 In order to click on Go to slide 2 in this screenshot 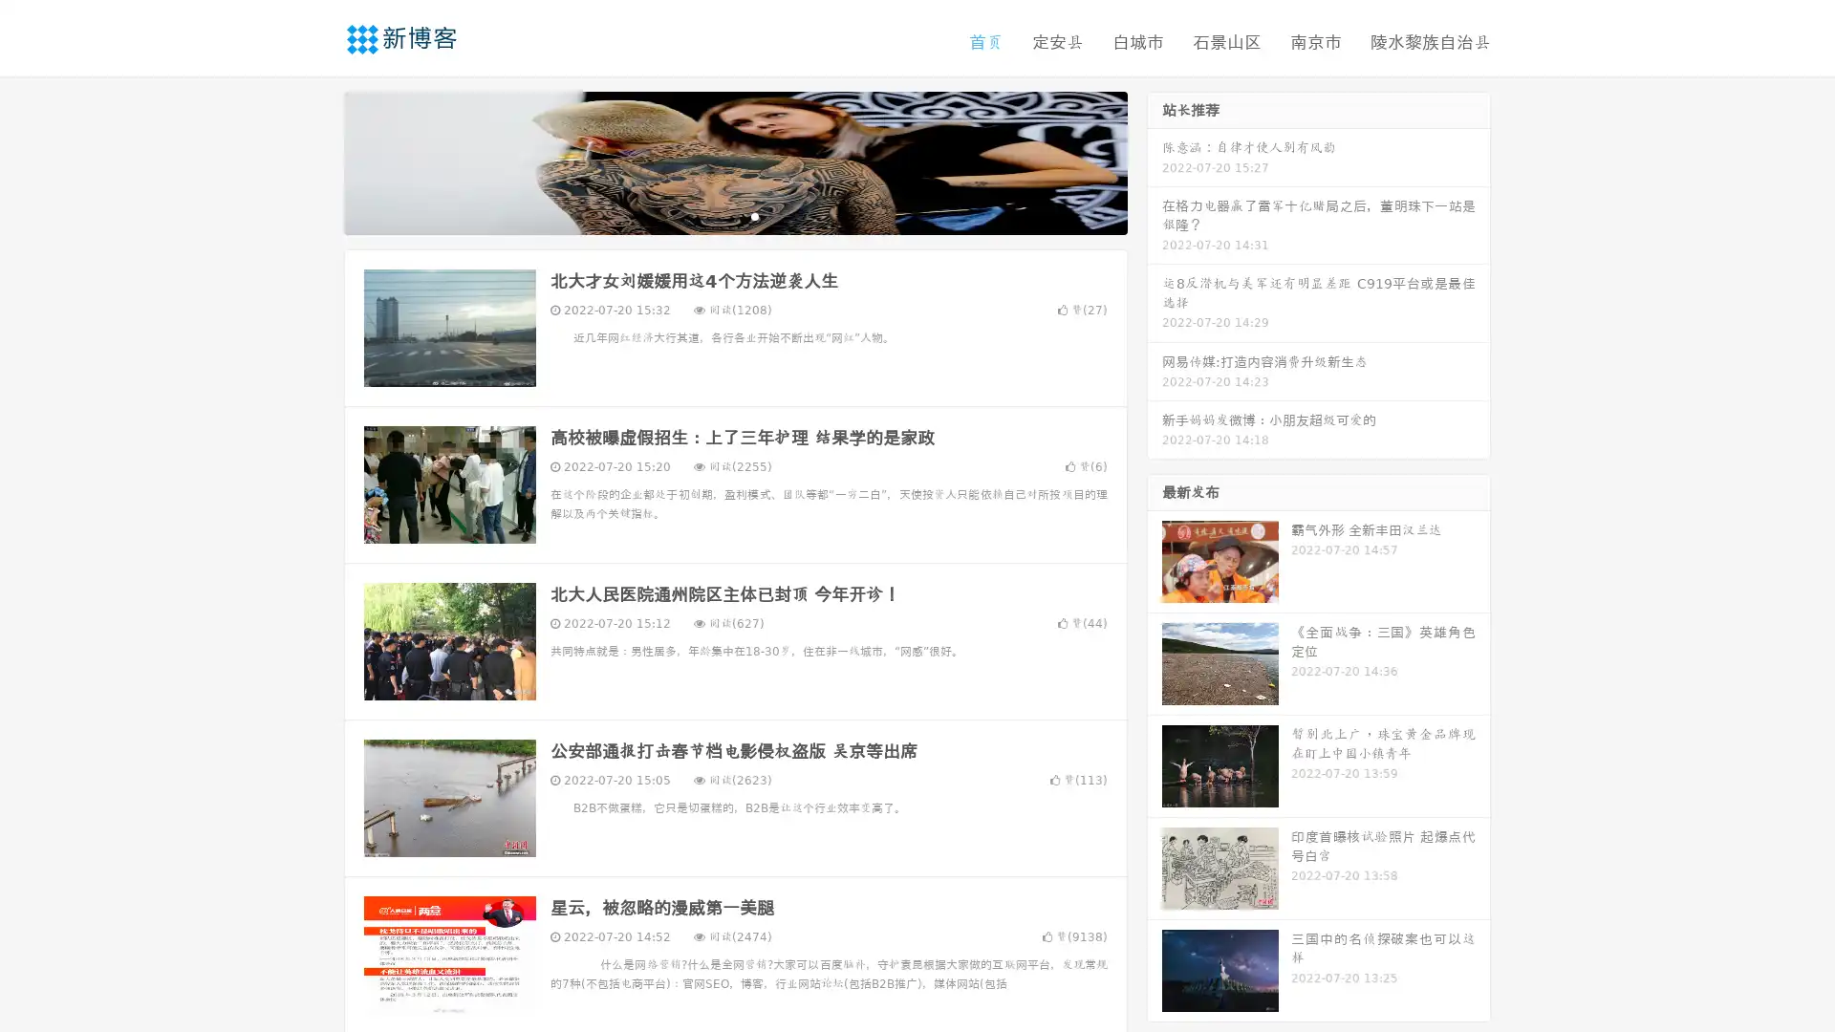, I will do `click(734, 215)`.